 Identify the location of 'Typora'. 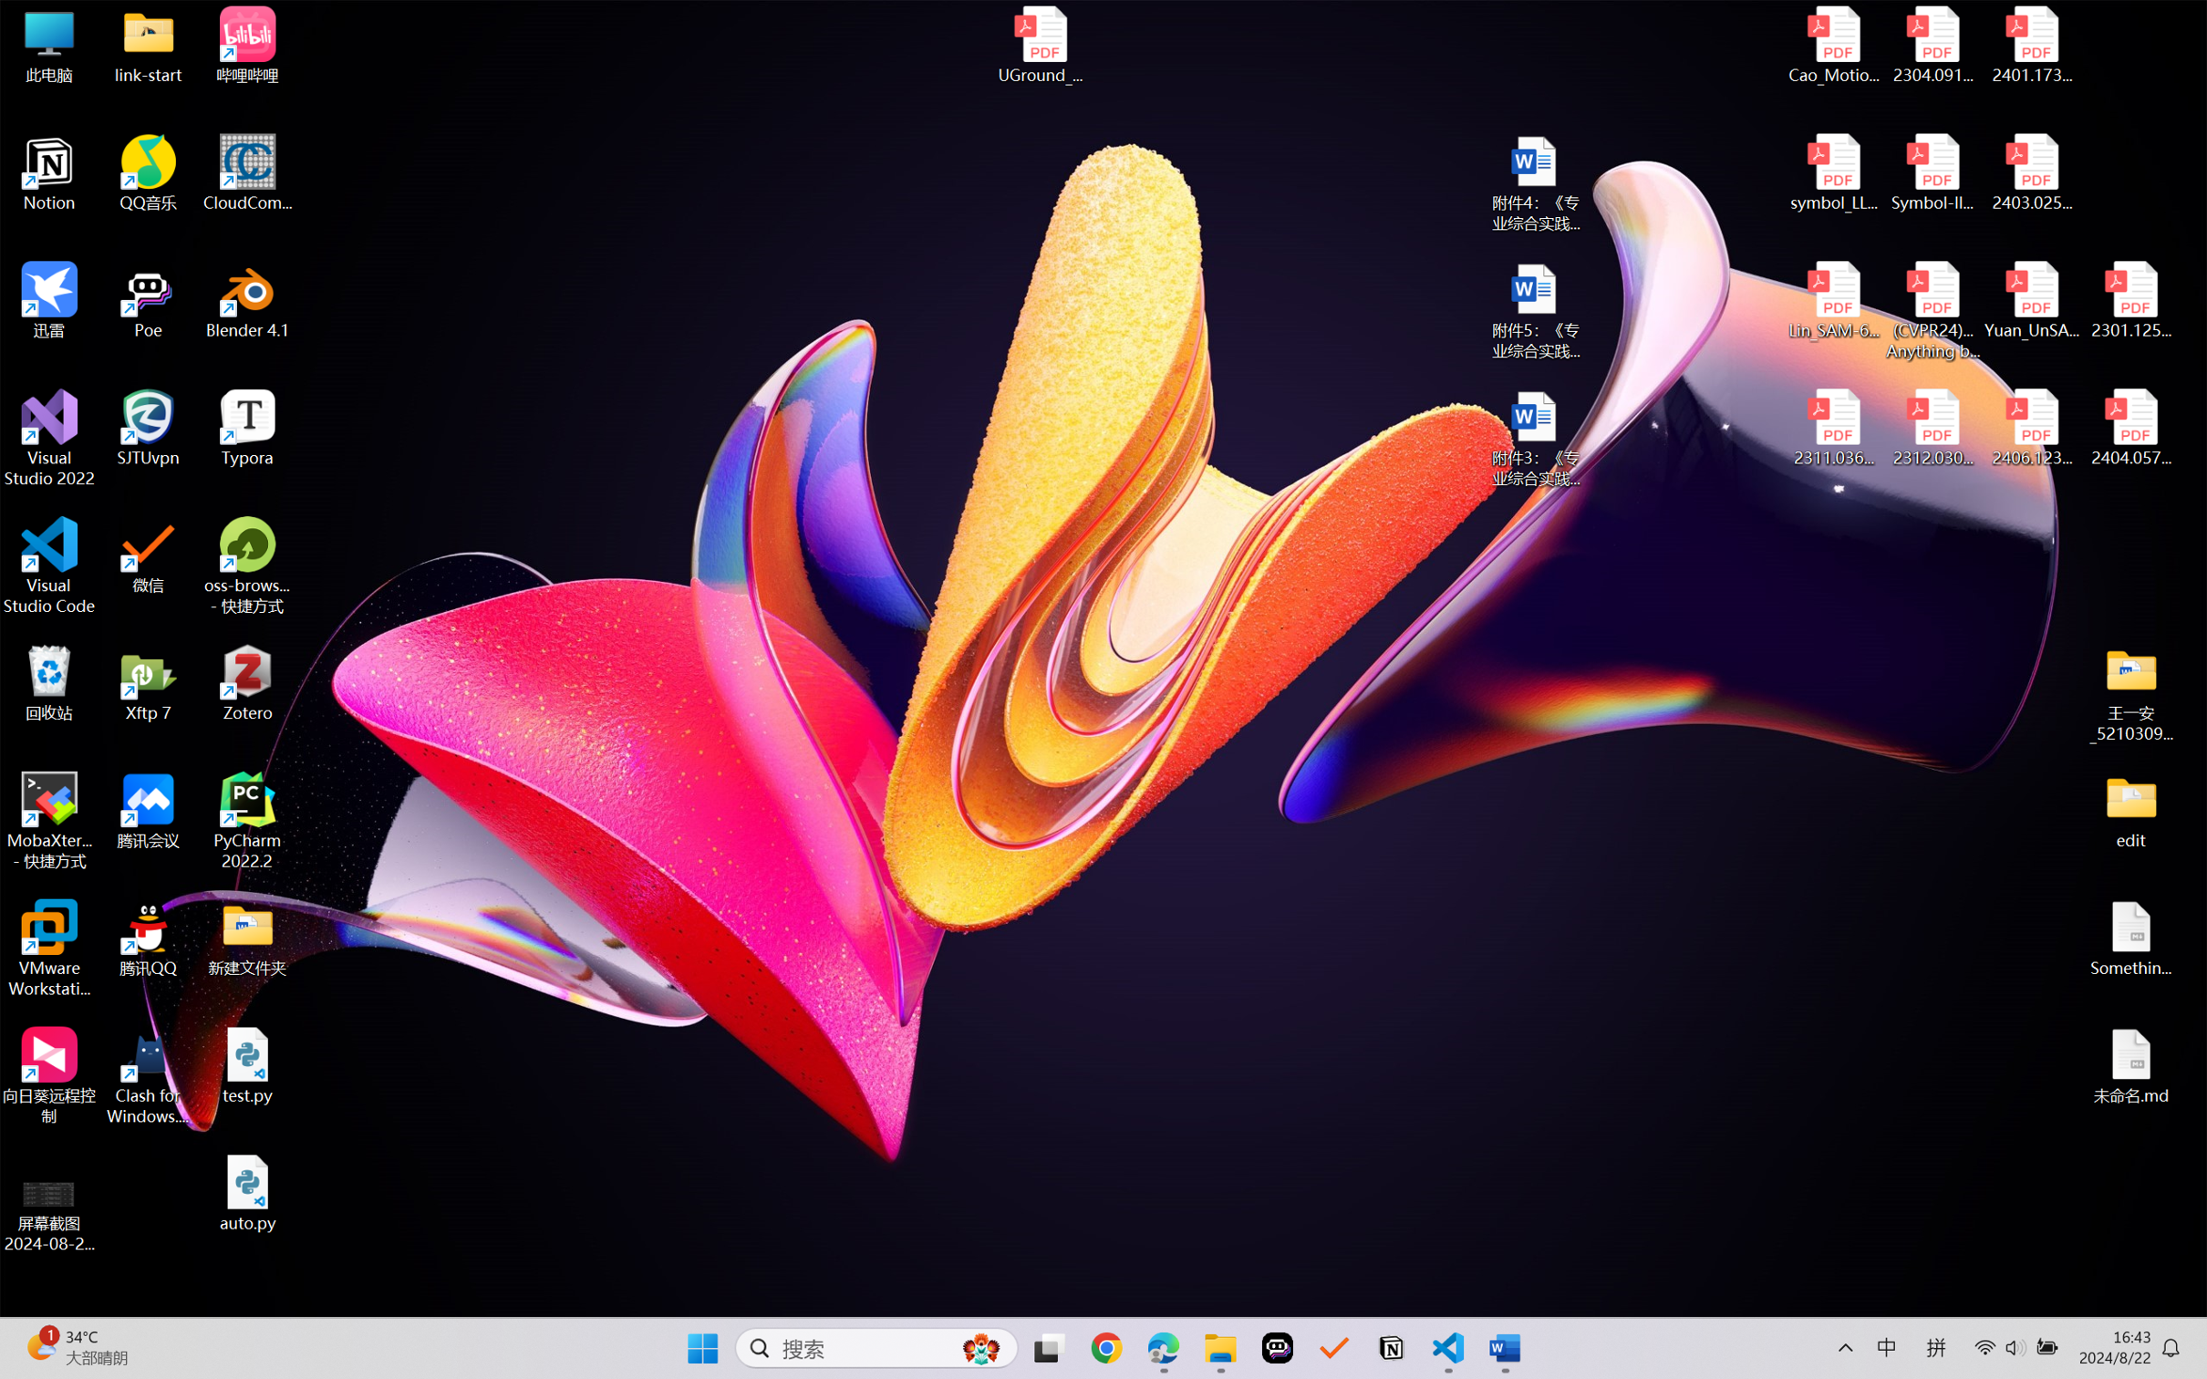
(247, 428).